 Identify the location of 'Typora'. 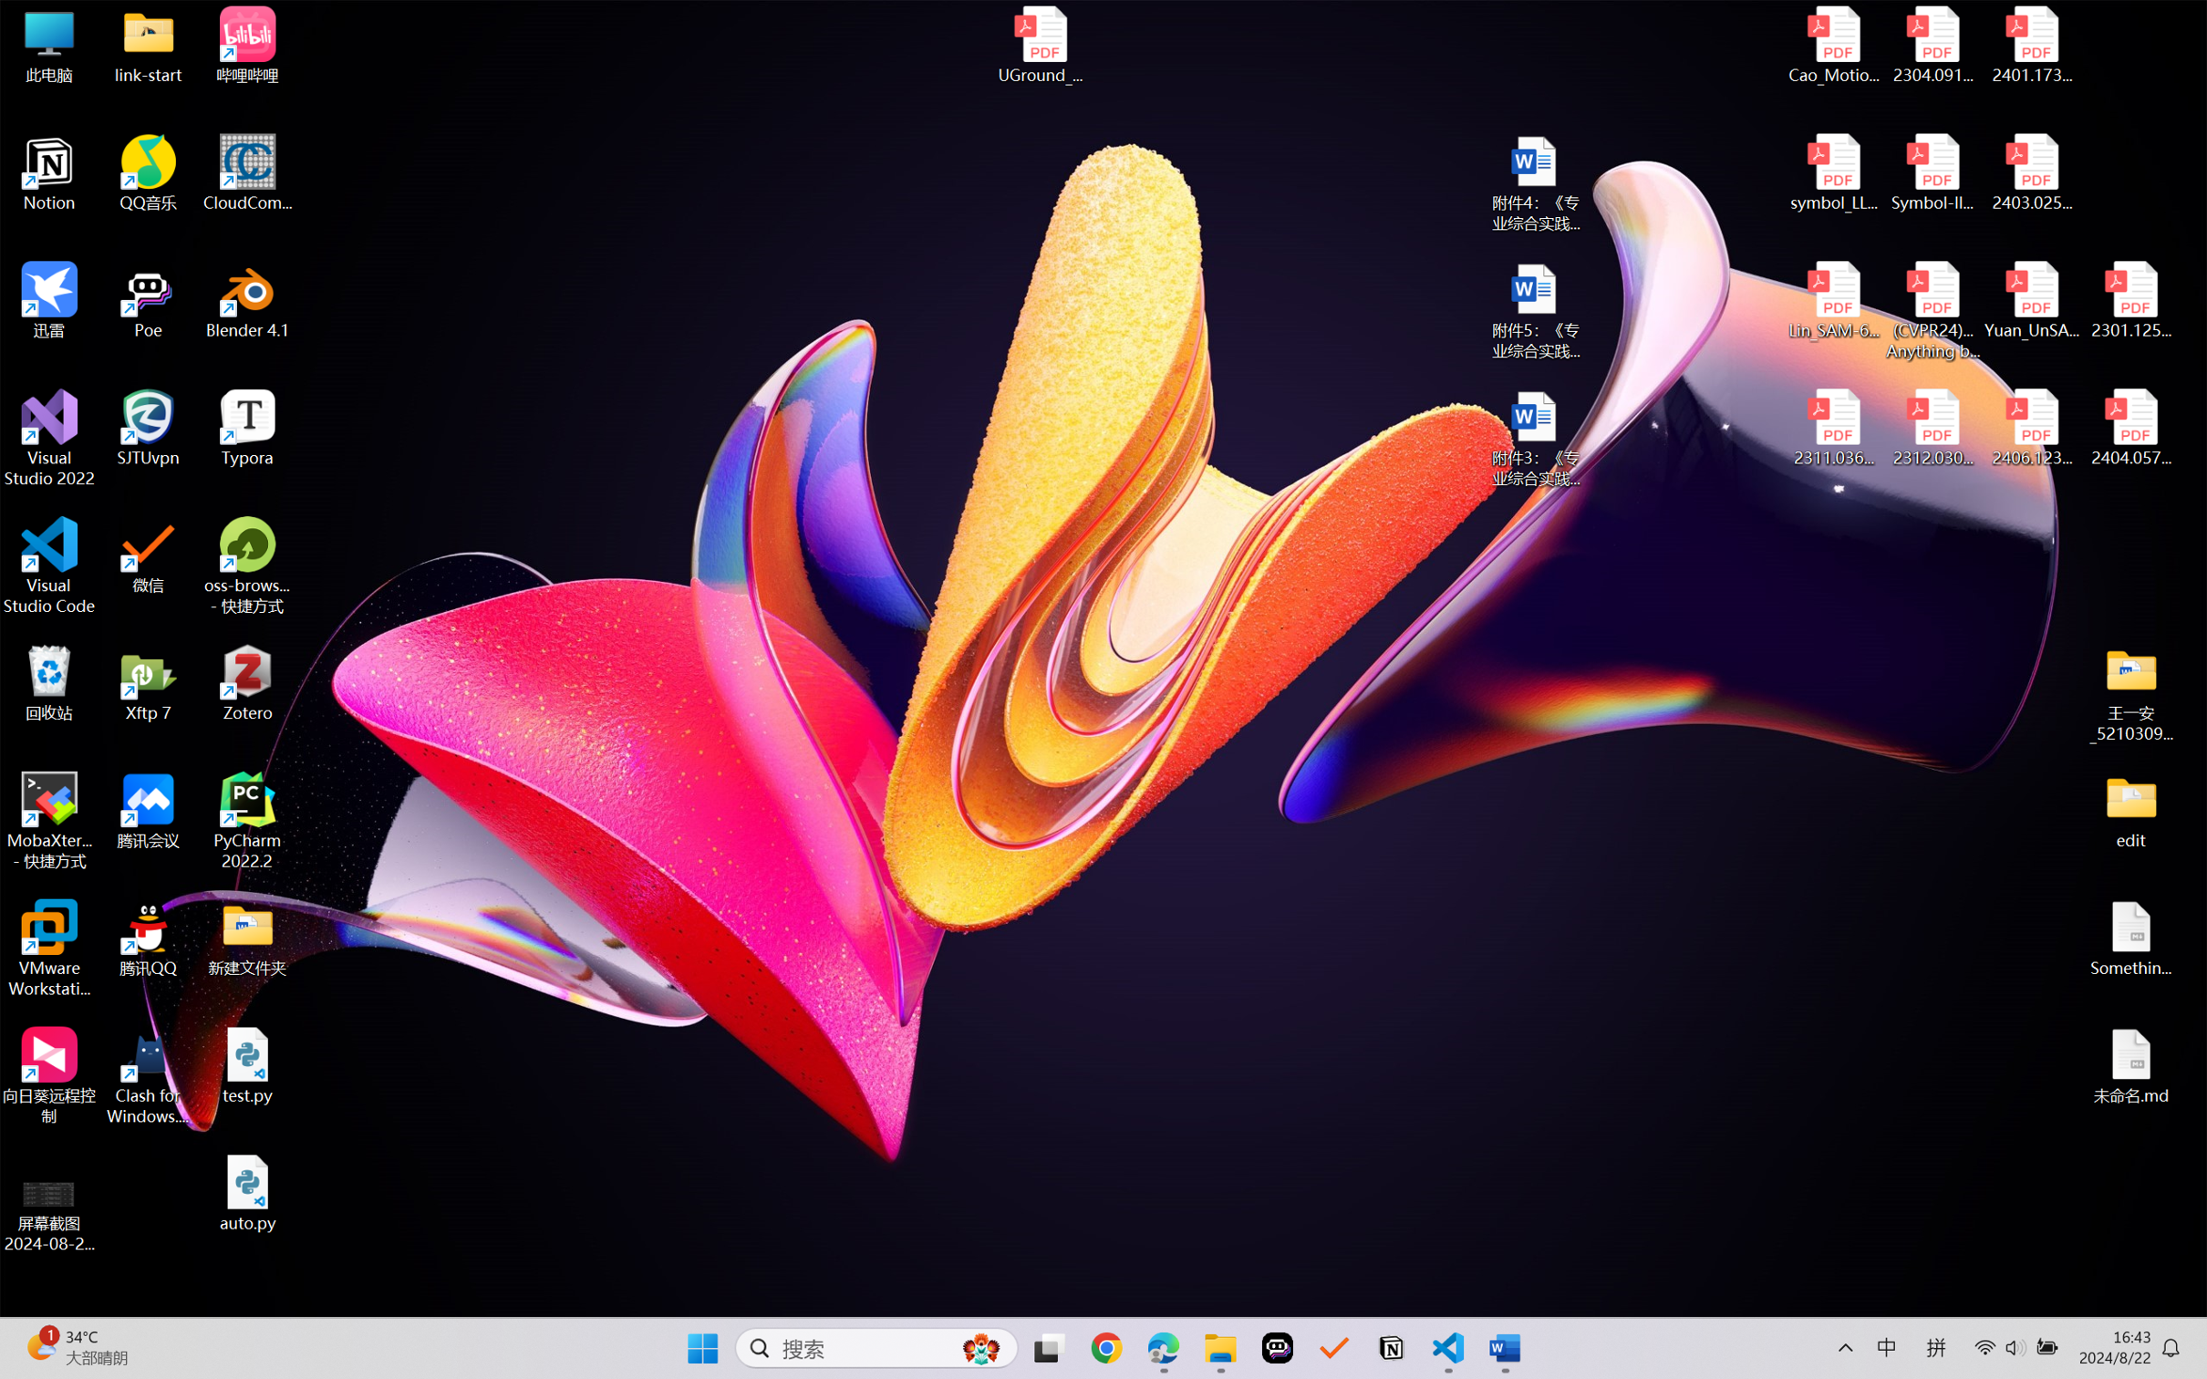
(247, 428).